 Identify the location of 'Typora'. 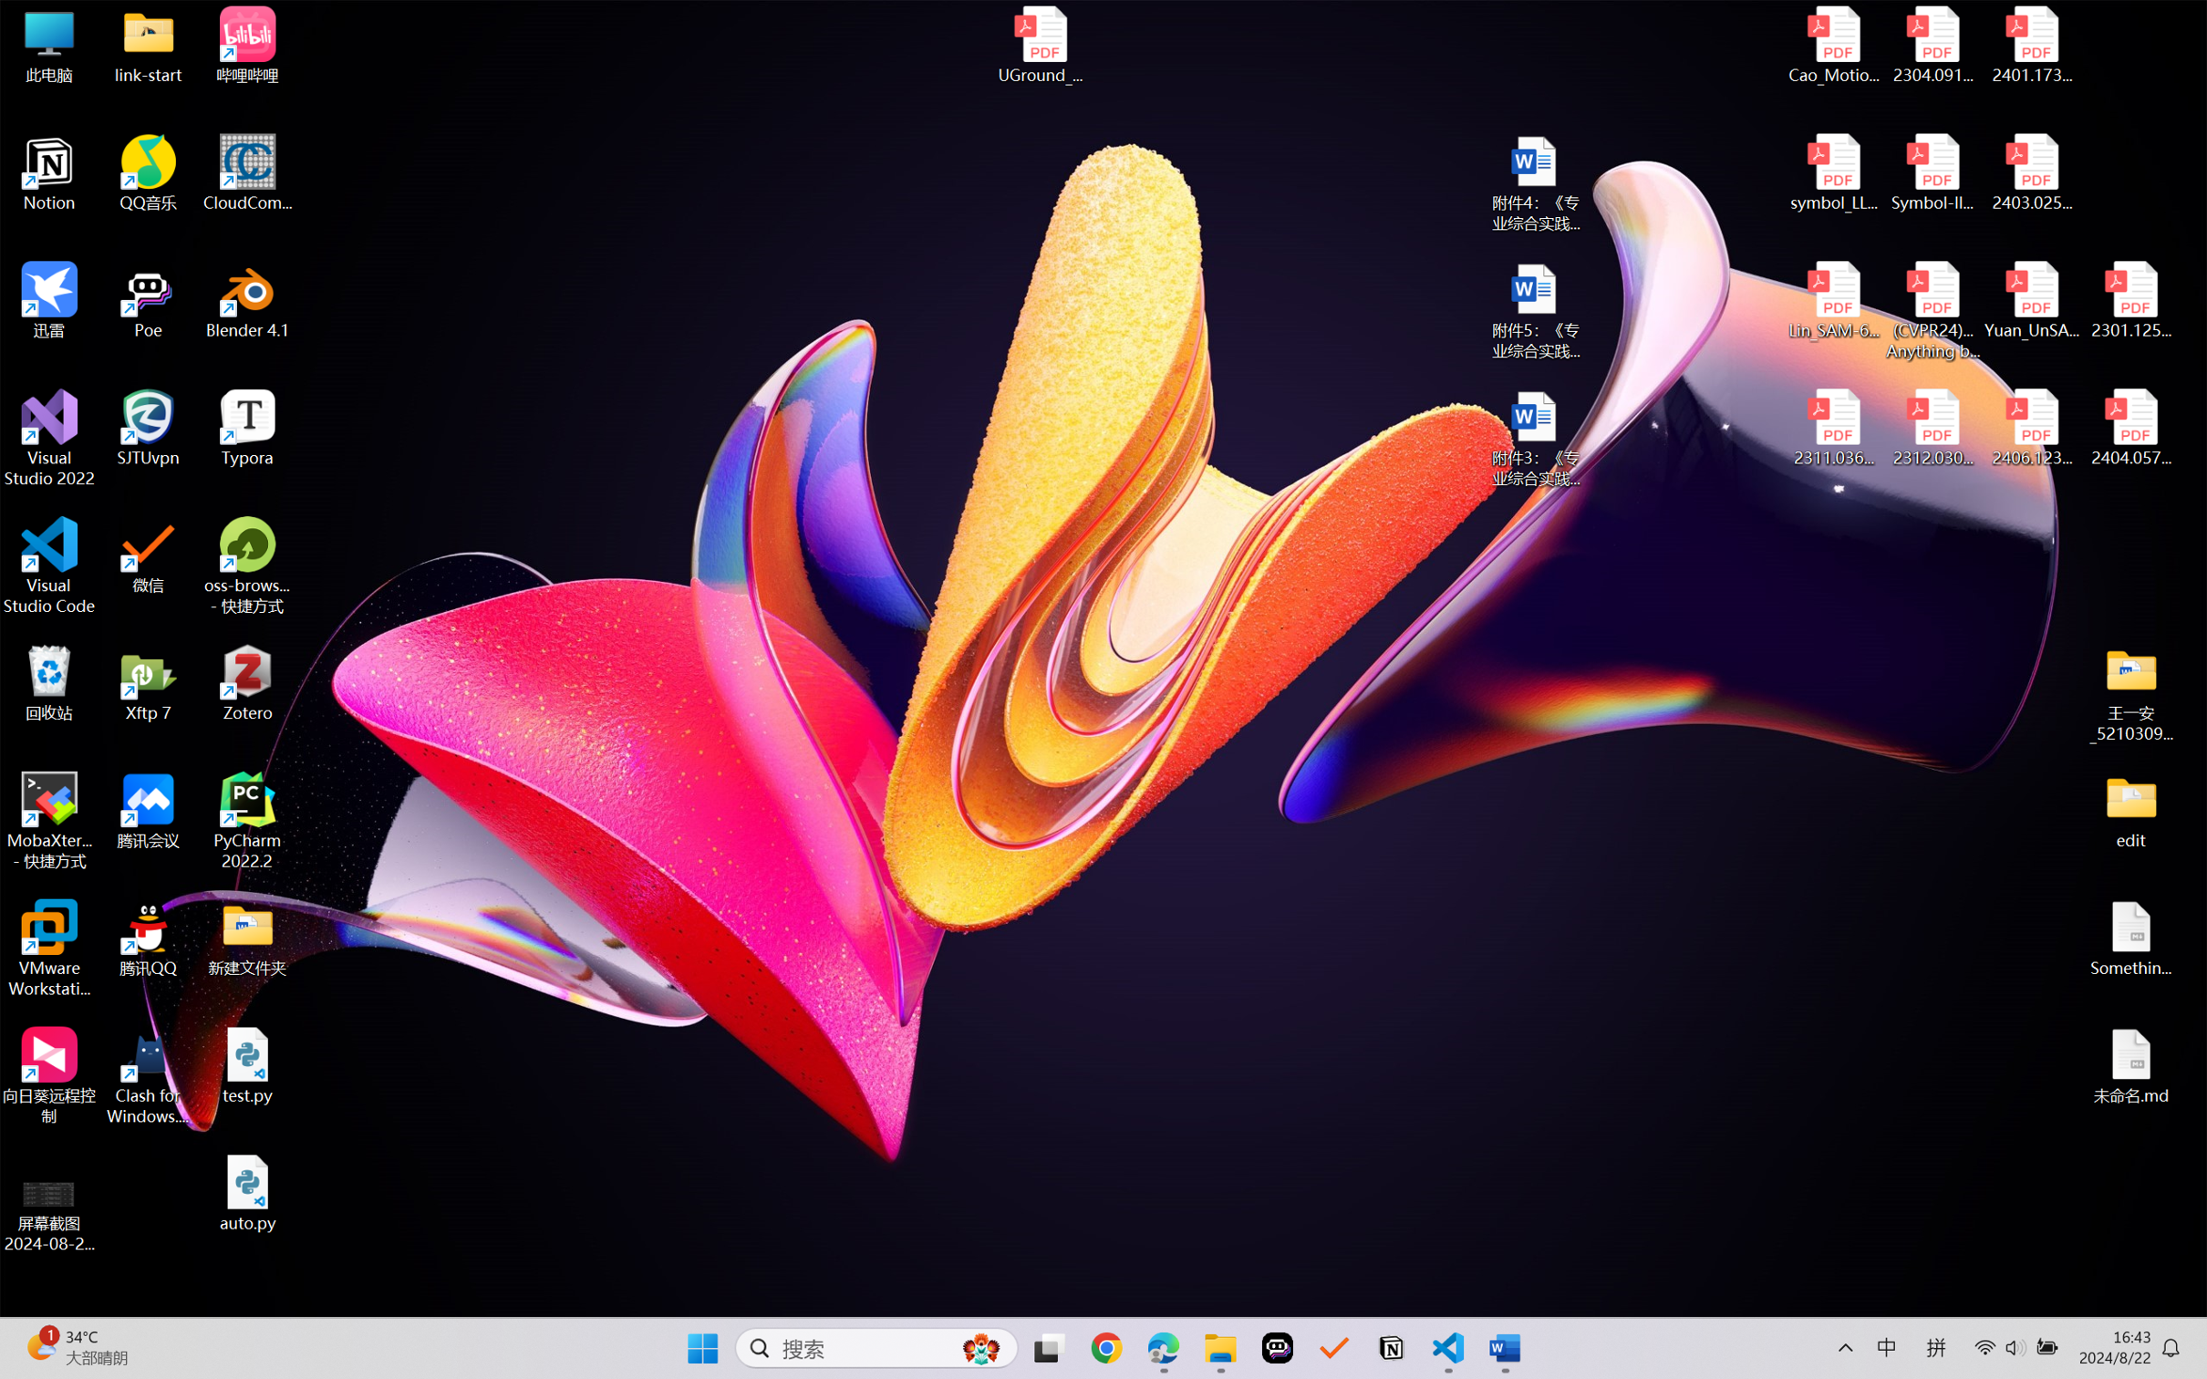
(247, 428).